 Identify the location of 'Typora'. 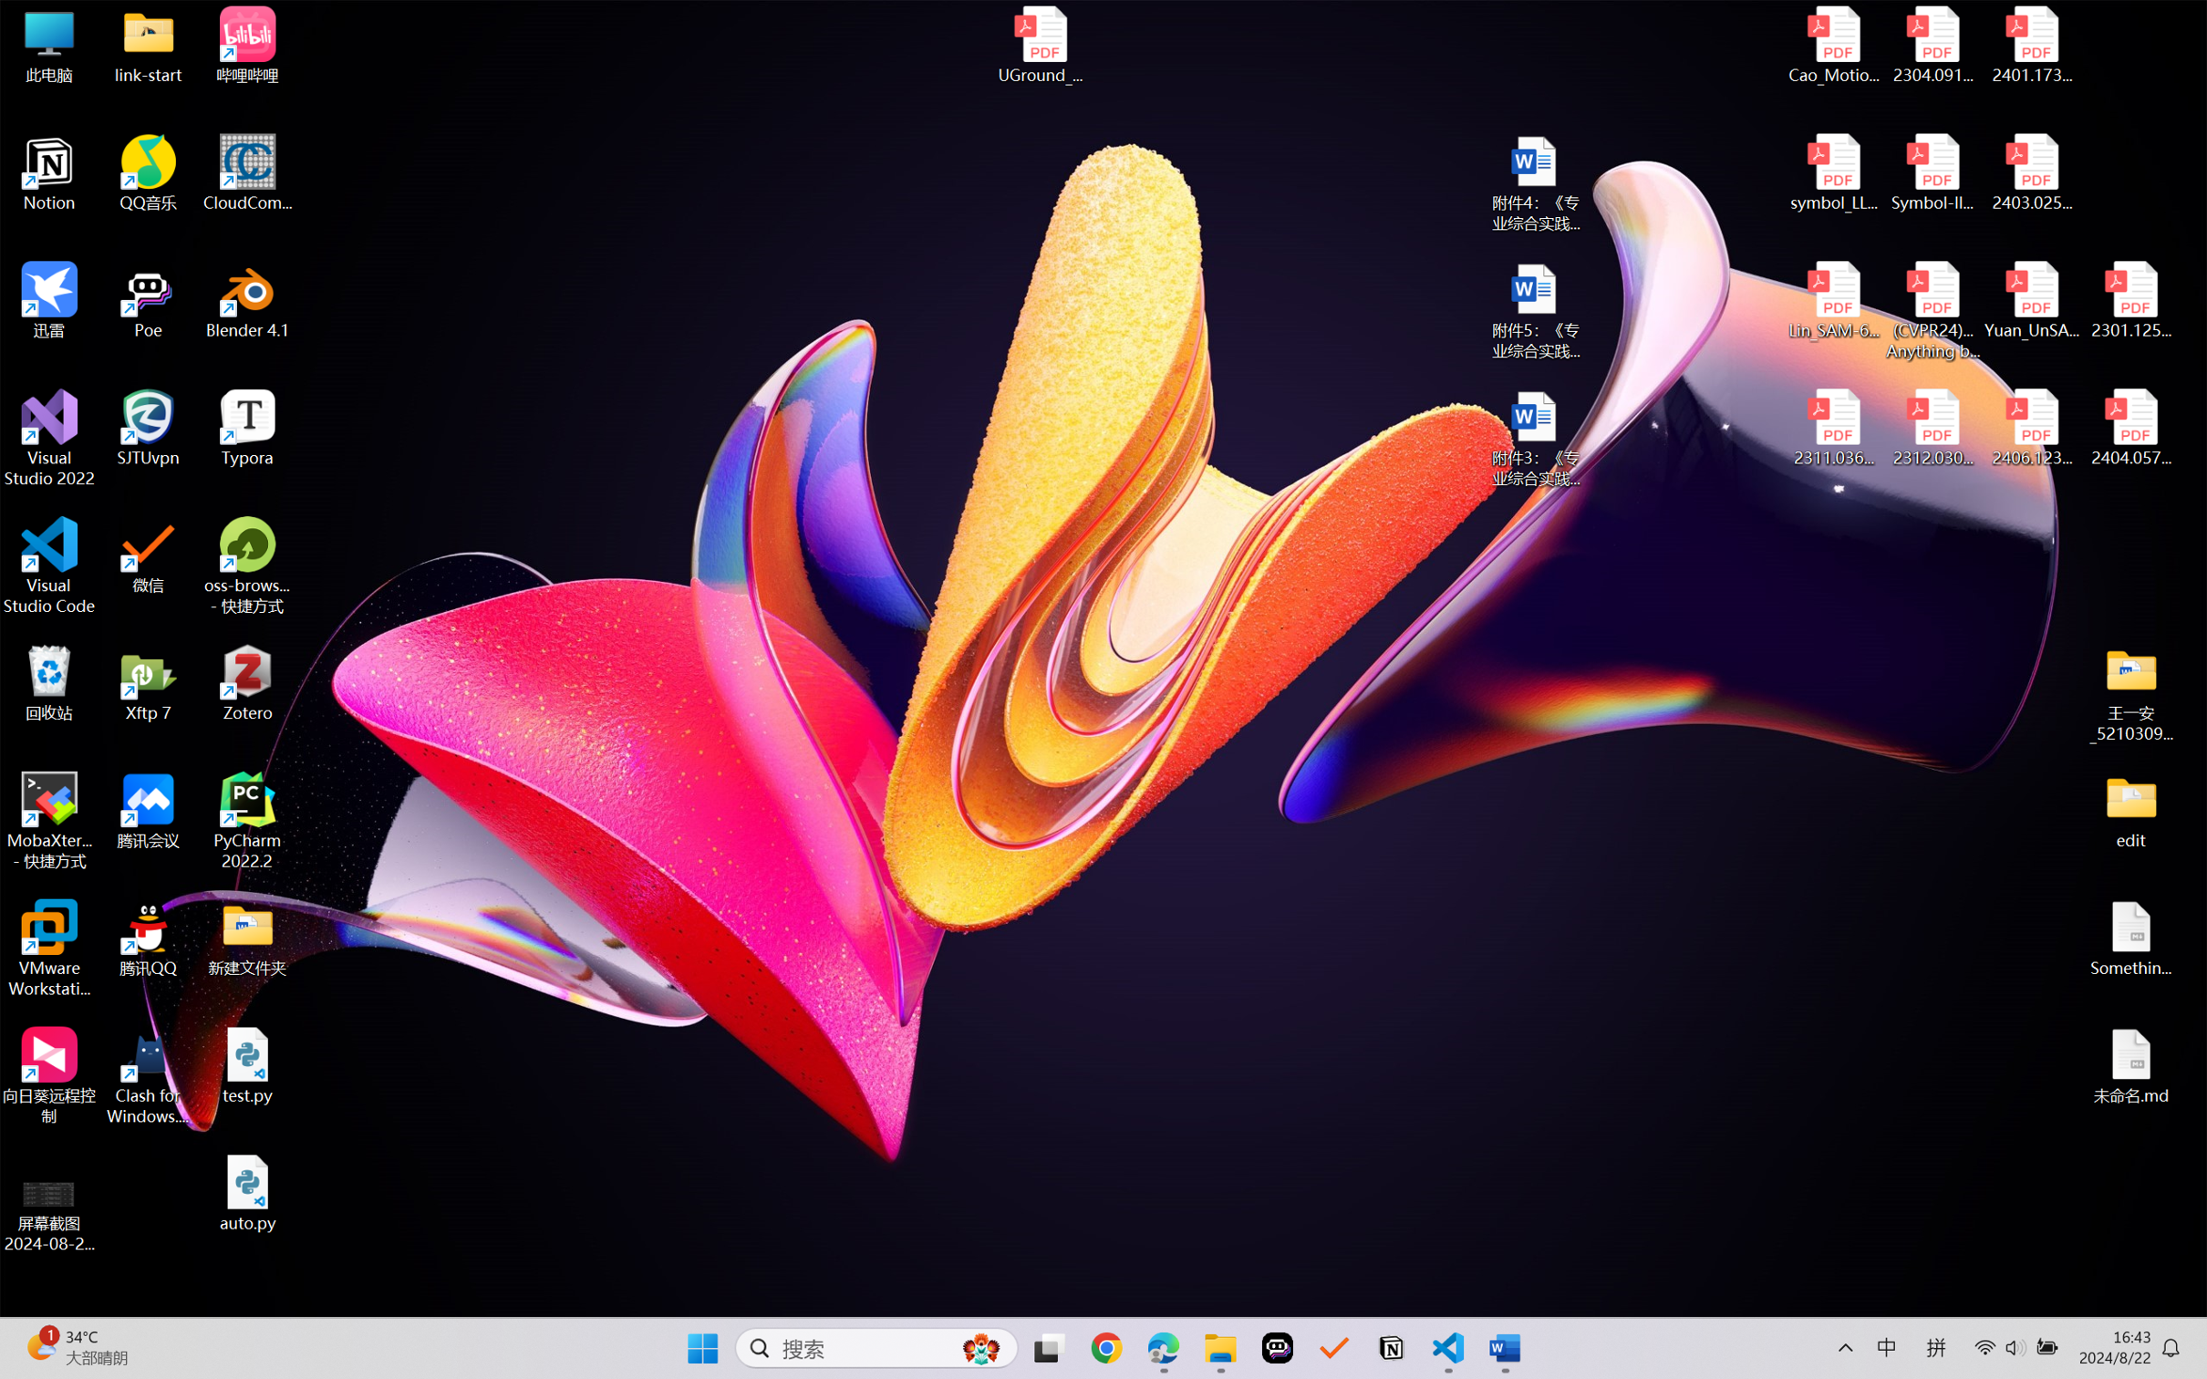
(247, 428).